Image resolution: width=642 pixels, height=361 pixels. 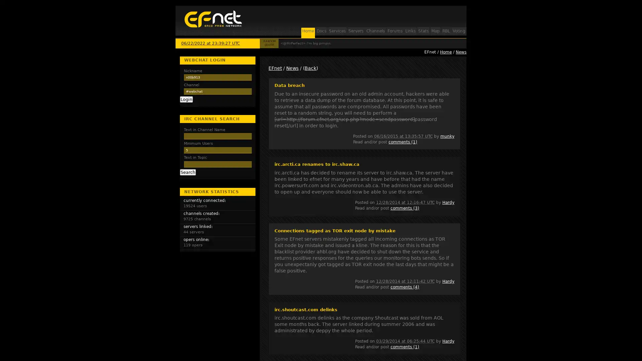 I want to click on Login, so click(x=186, y=99).